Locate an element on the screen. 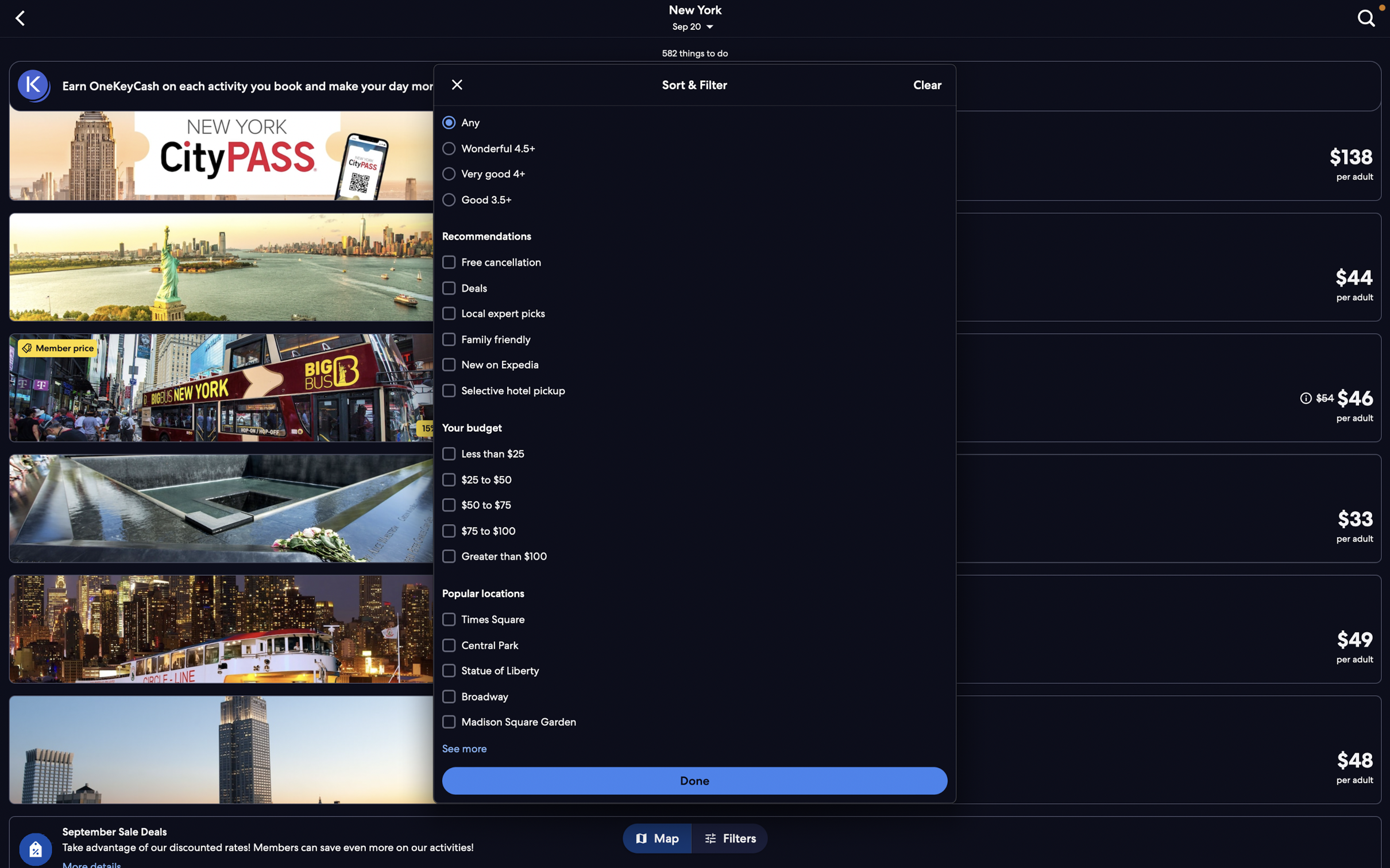  the "select hotel pickup" and "more than 100" options is located at coordinates (695, 389).